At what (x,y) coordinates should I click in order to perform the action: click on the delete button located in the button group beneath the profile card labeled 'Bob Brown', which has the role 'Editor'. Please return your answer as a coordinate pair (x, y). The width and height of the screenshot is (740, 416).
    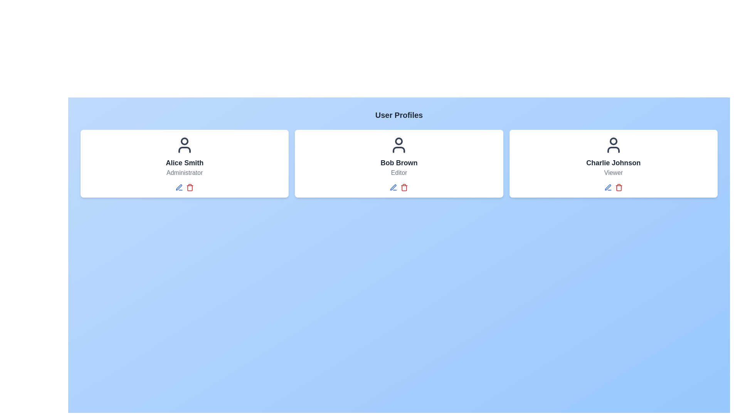
    Looking at the image, I should click on (399, 187).